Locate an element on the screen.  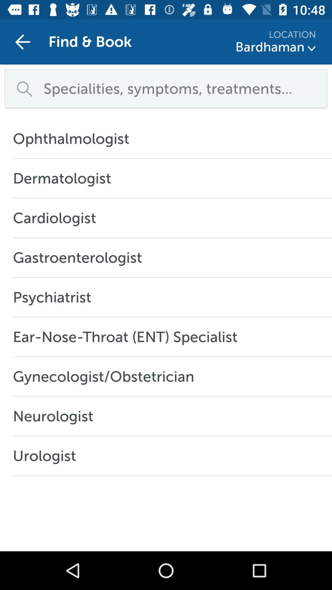
item next to find & book is located at coordinates (22, 41).